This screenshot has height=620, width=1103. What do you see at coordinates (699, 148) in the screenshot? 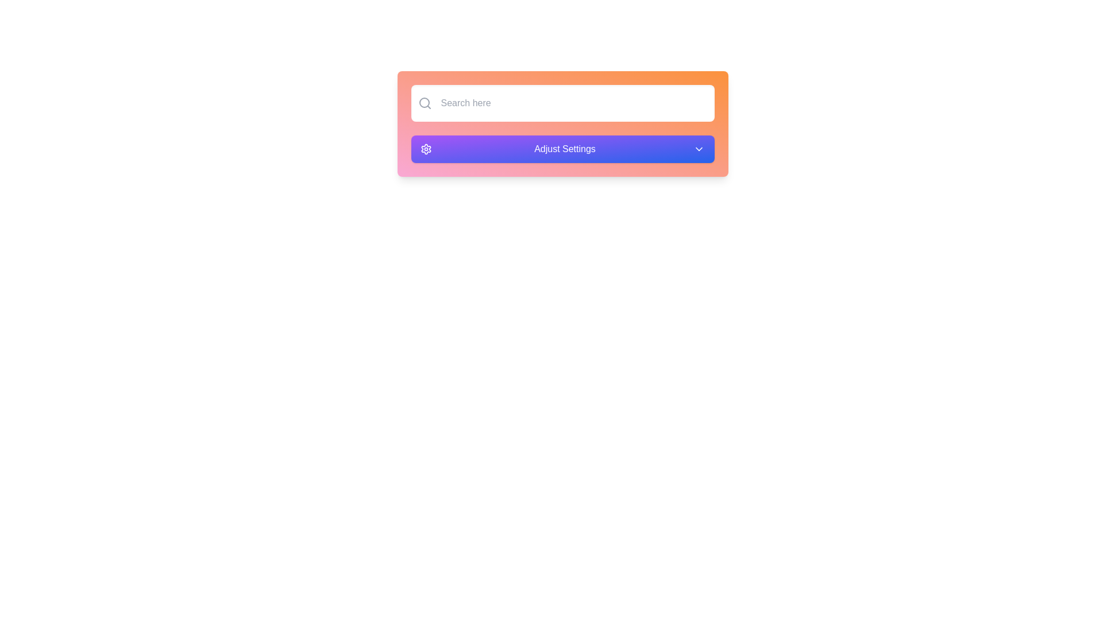
I see `the downward-pointing chevron icon located on the right-hand side of the 'Adjust Settings' button` at bounding box center [699, 148].